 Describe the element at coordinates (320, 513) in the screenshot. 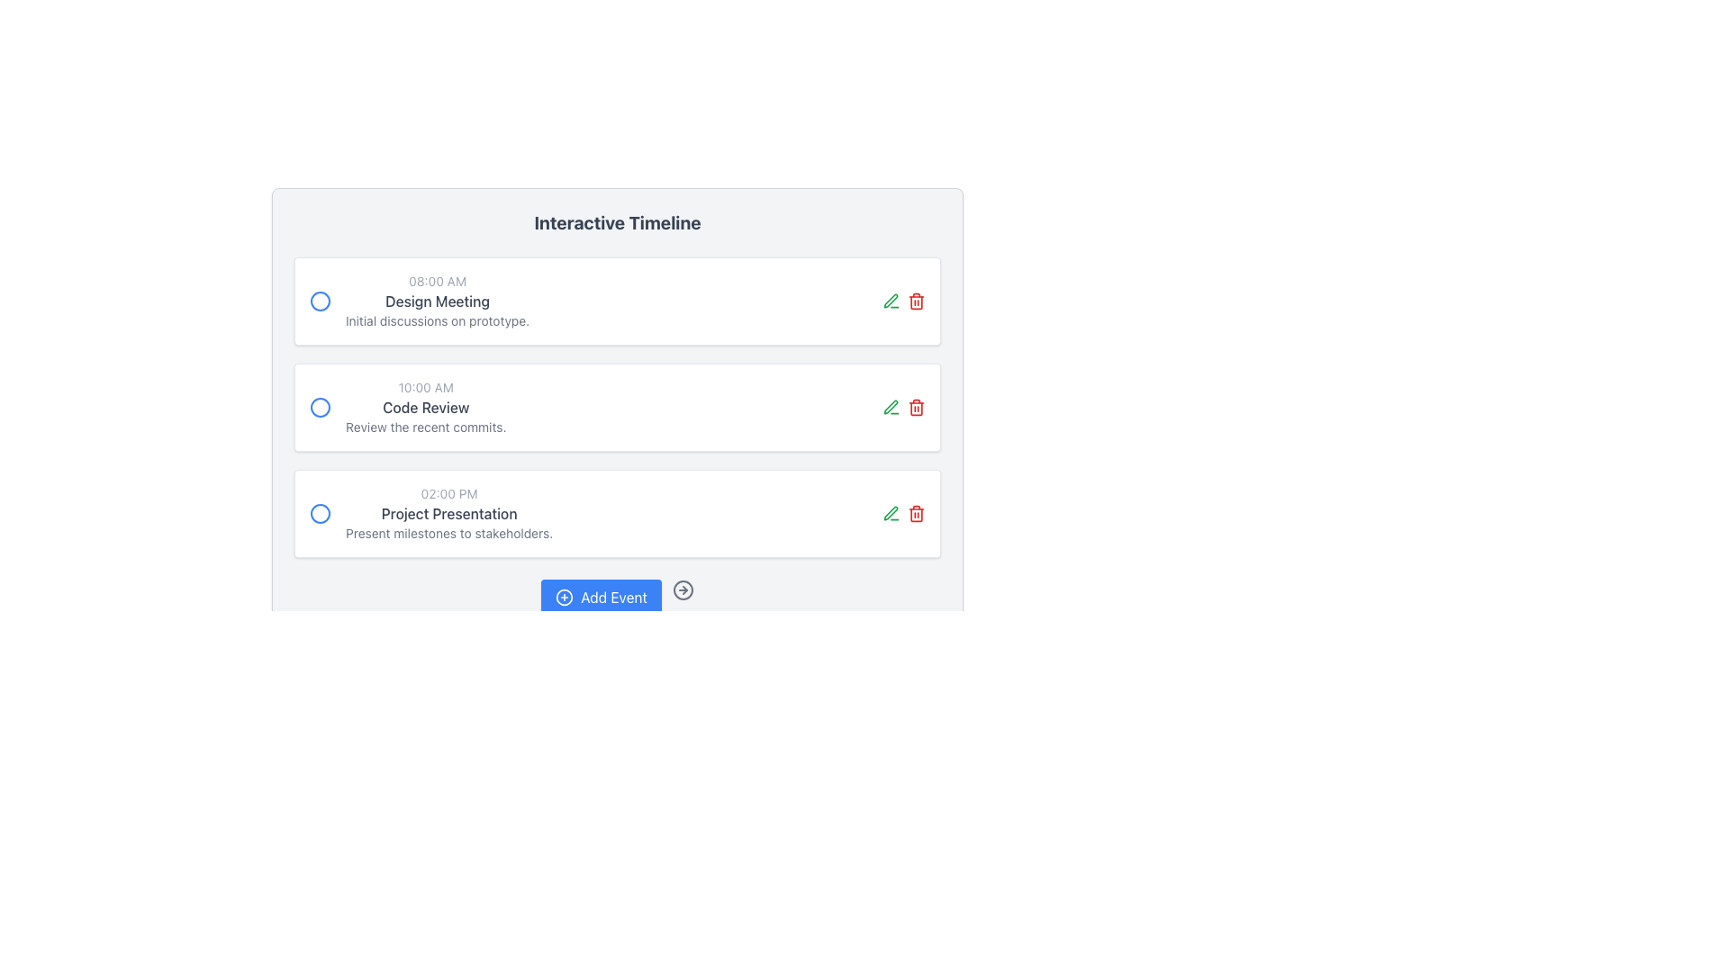

I see `the circular blue outlined icon located to the far left of the '02:00 PM Project Presentation' row` at that location.